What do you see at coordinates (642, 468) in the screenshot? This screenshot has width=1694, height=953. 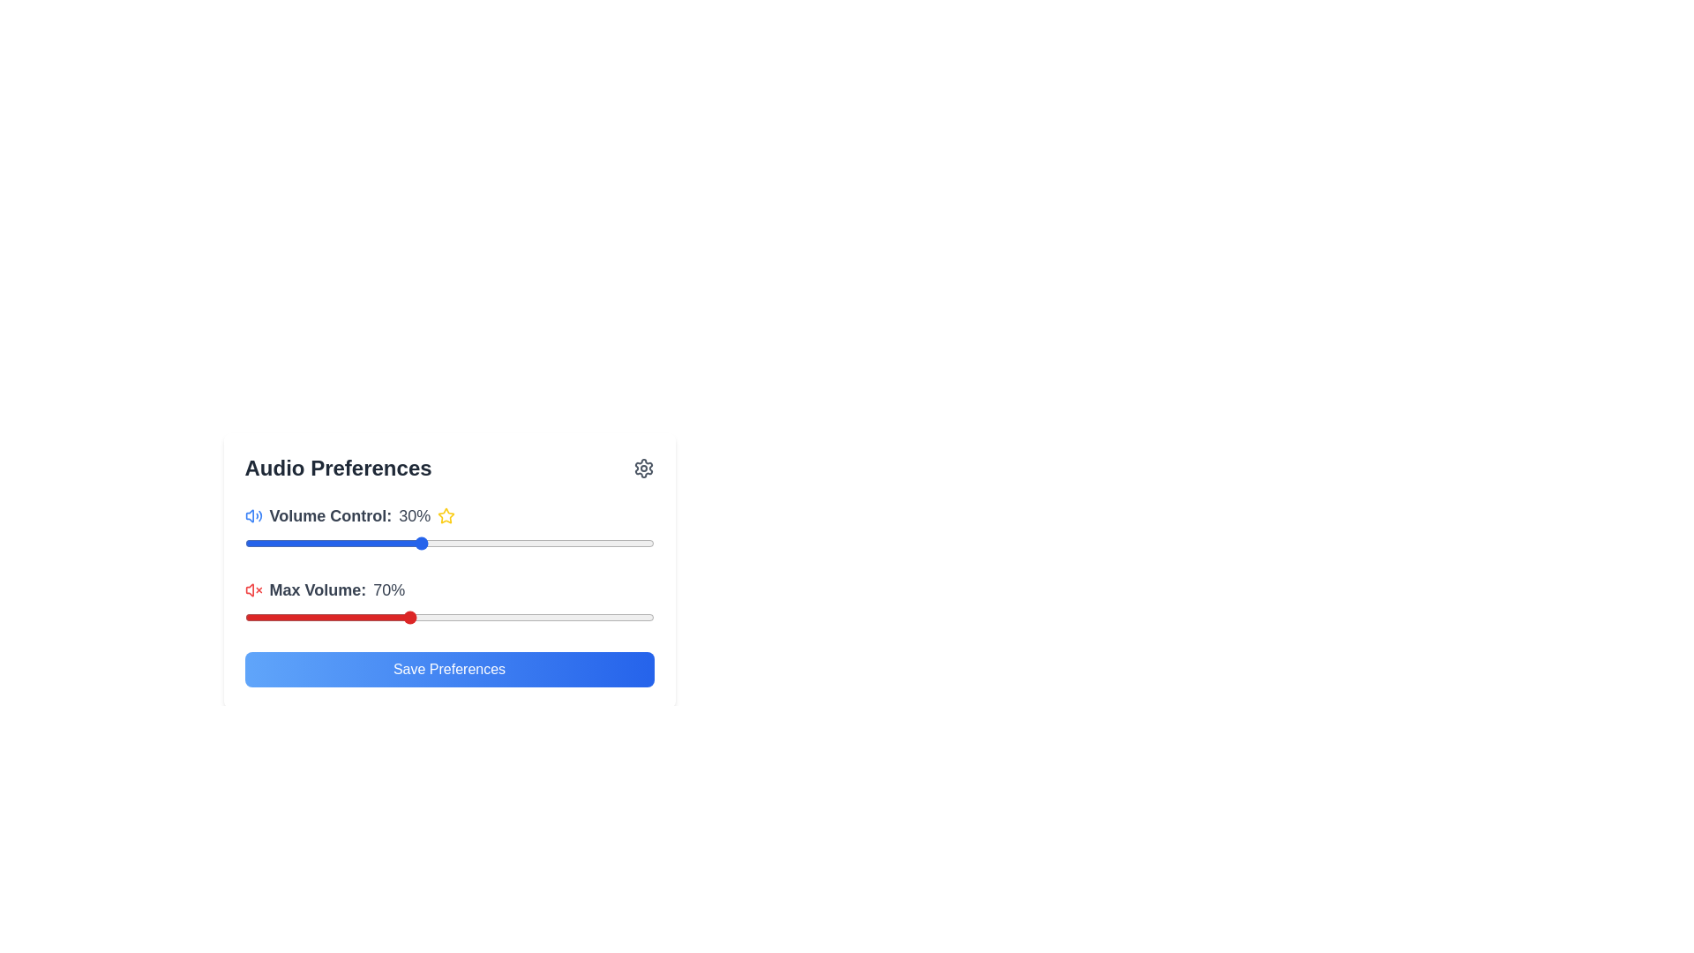 I see `the gear-shaped settings icon located at the top-right corner of the 'Audio Preferences' box to observe its transition effect` at bounding box center [642, 468].